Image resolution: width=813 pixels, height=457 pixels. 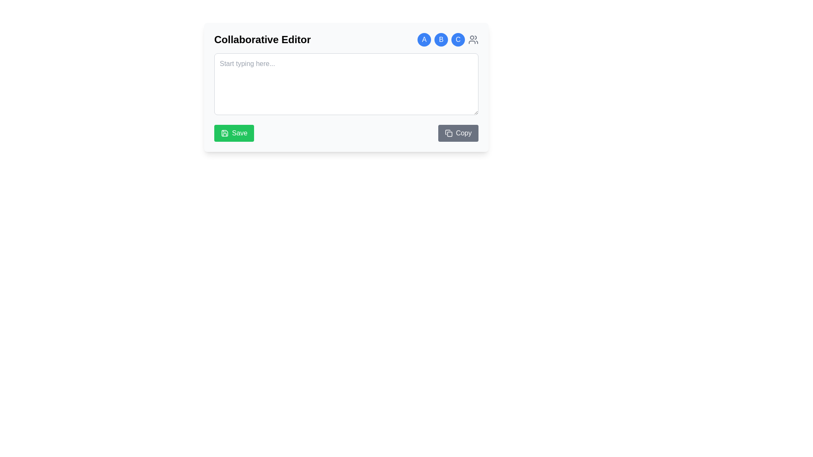 I want to click on the rectangle part of the SVG element representing the Copy button, which is located near the lower-right corner of the text input area, so click(x=449, y=134).